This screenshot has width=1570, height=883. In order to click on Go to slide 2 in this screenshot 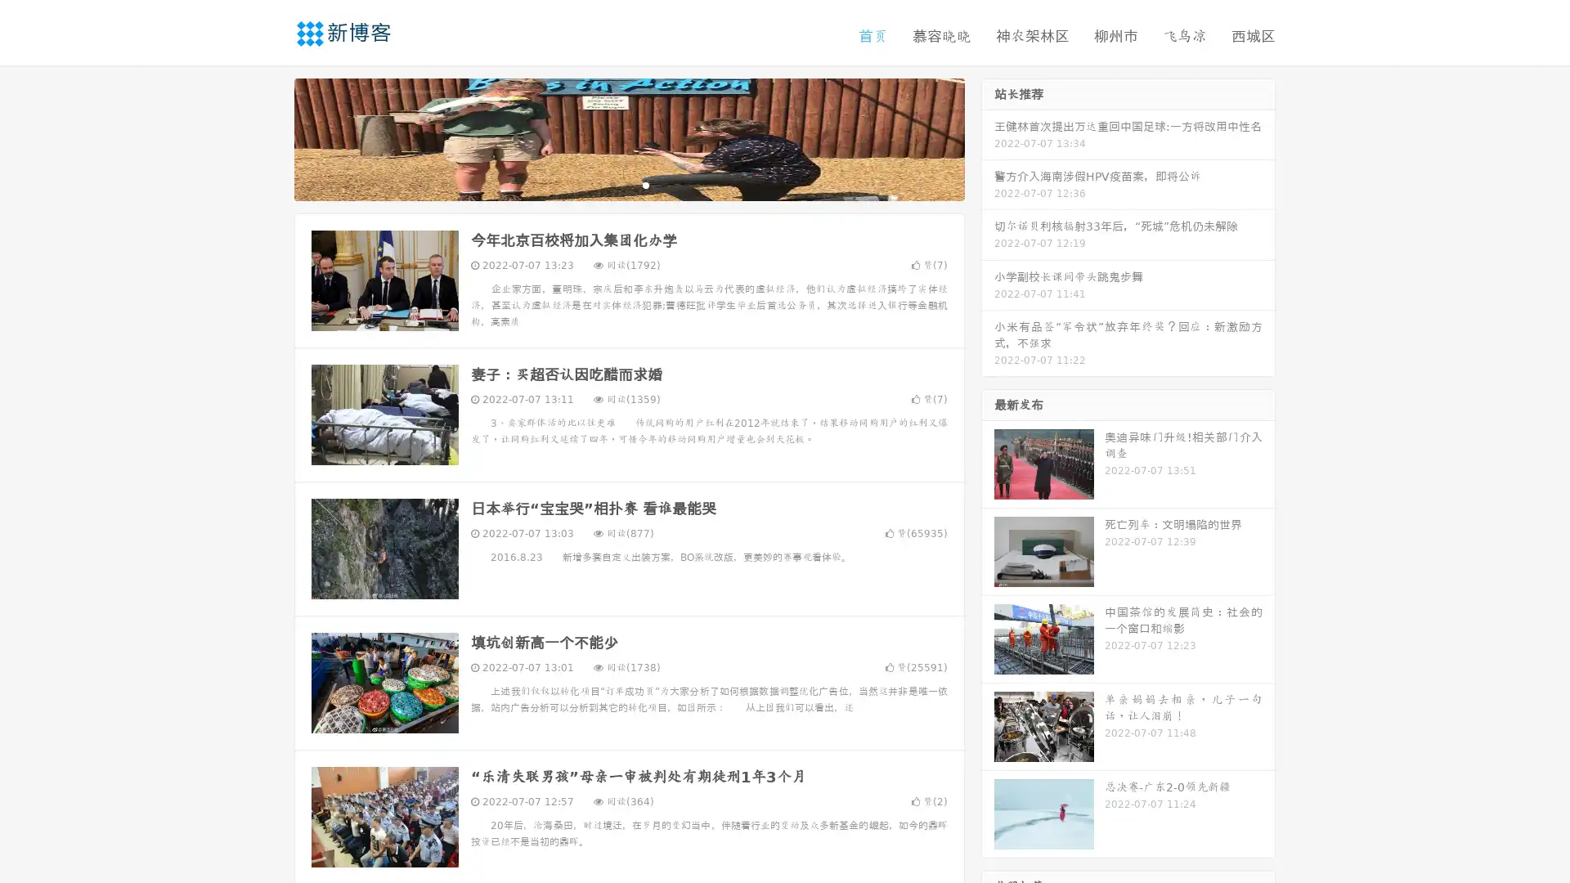, I will do `click(628, 184)`.